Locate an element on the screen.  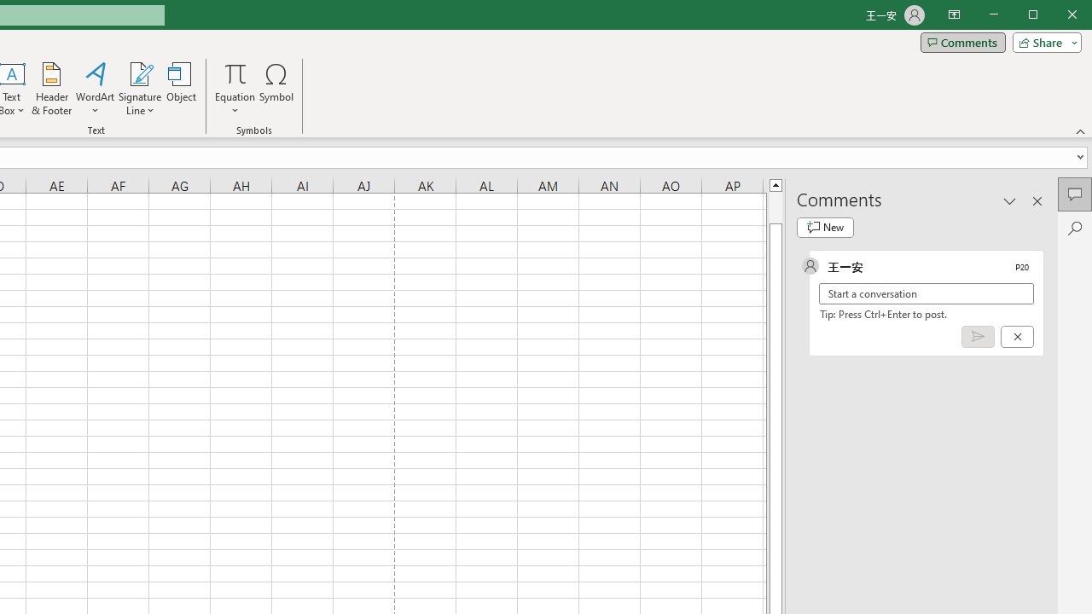
'Symbol...' is located at coordinates (276, 89).